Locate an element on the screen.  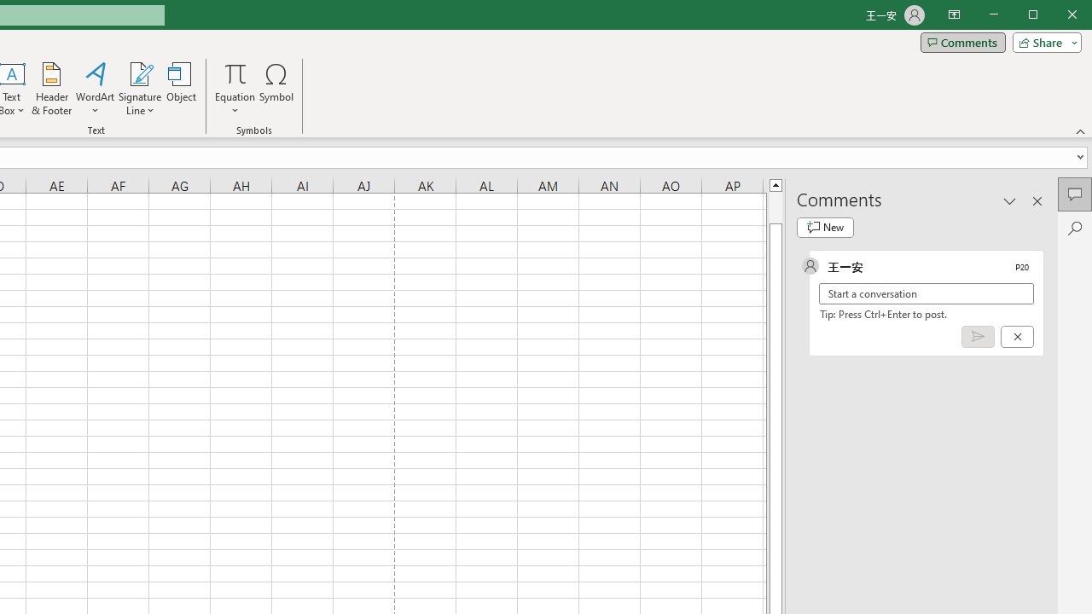
'Symbol...' is located at coordinates (276, 89).